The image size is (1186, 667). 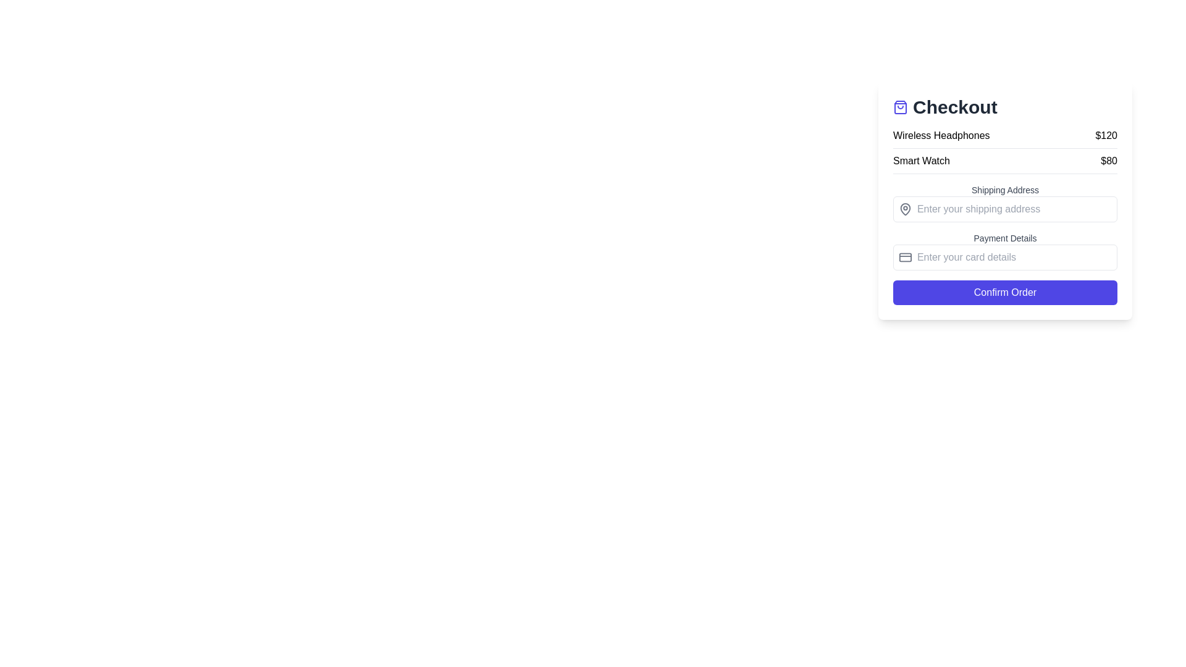 I want to click on the rectangular text input field with light borders and placeholder text 'Enter your shipping address' to focus it, so click(x=1014, y=209).